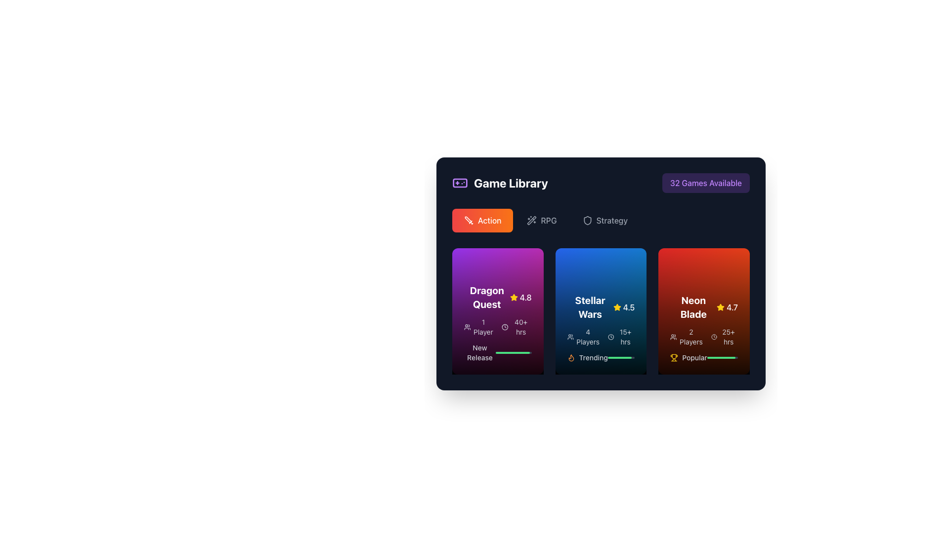  Describe the element at coordinates (616, 307) in the screenshot. I see `the star icon representing the rating for 'Stellar Wars'` at that location.